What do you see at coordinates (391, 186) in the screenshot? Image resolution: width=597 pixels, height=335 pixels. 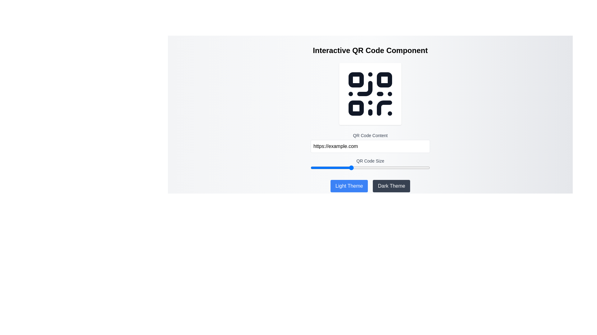 I see `the dark theme button located in the lower-right area of the interface, adjacent to the light theme button` at bounding box center [391, 186].